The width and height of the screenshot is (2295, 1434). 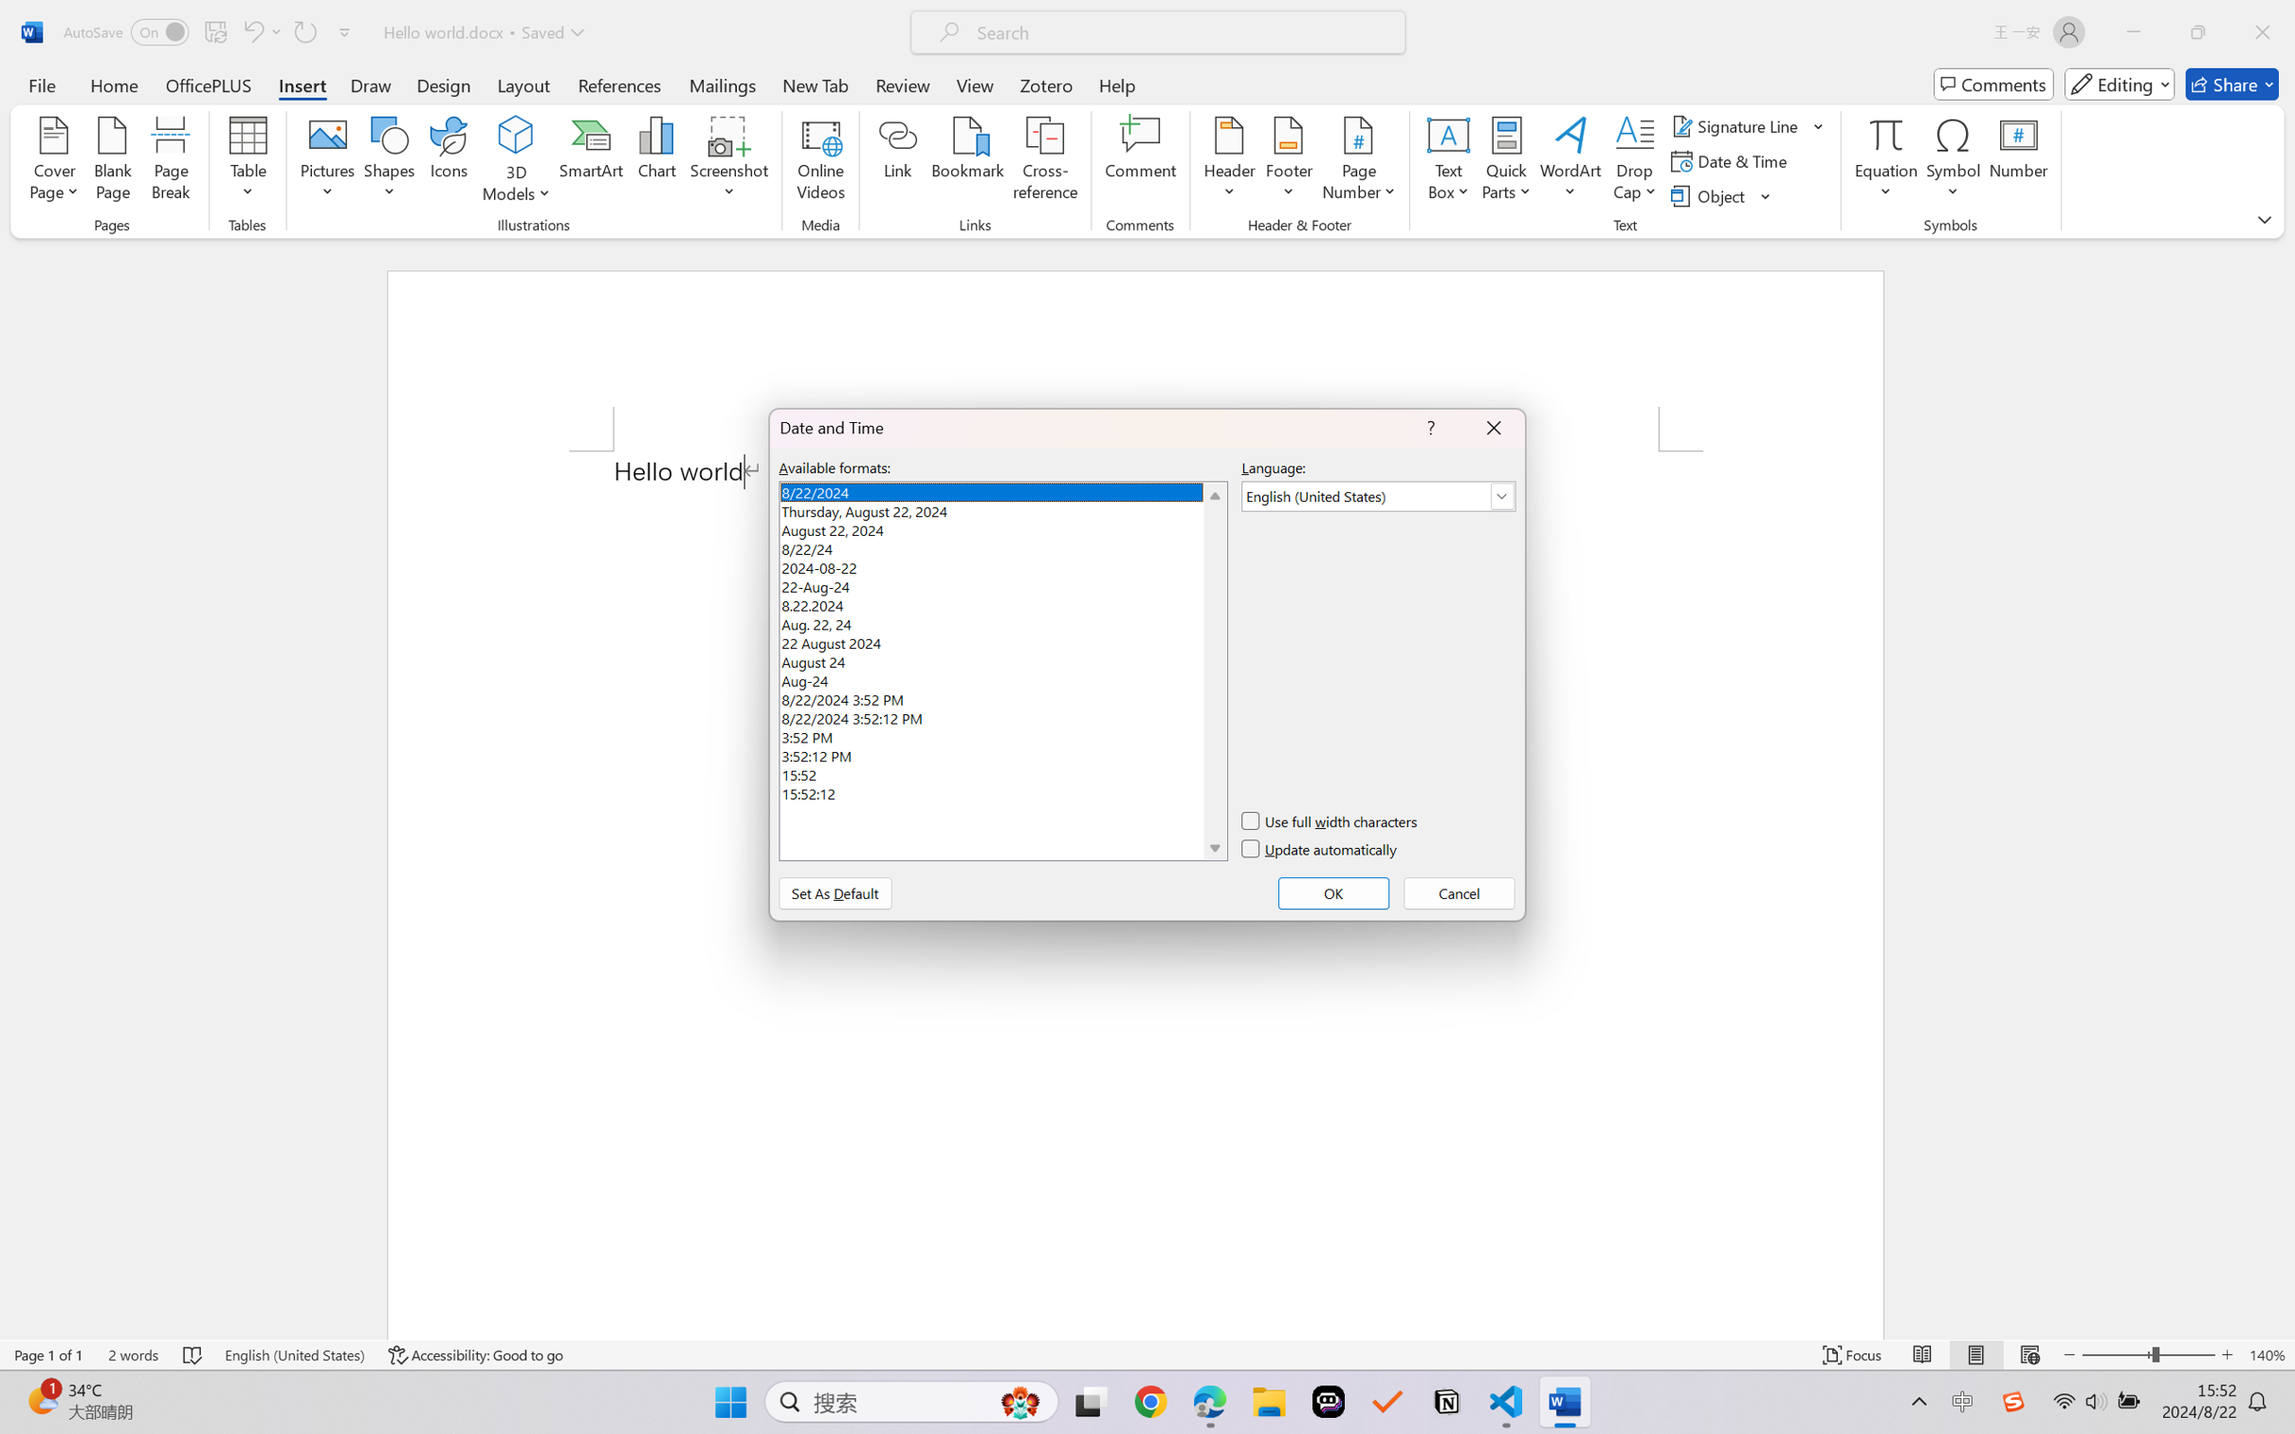 What do you see at coordinates (371, 83) in the screenshot?
I see `'Draw'` at bounding box center [371, 83].